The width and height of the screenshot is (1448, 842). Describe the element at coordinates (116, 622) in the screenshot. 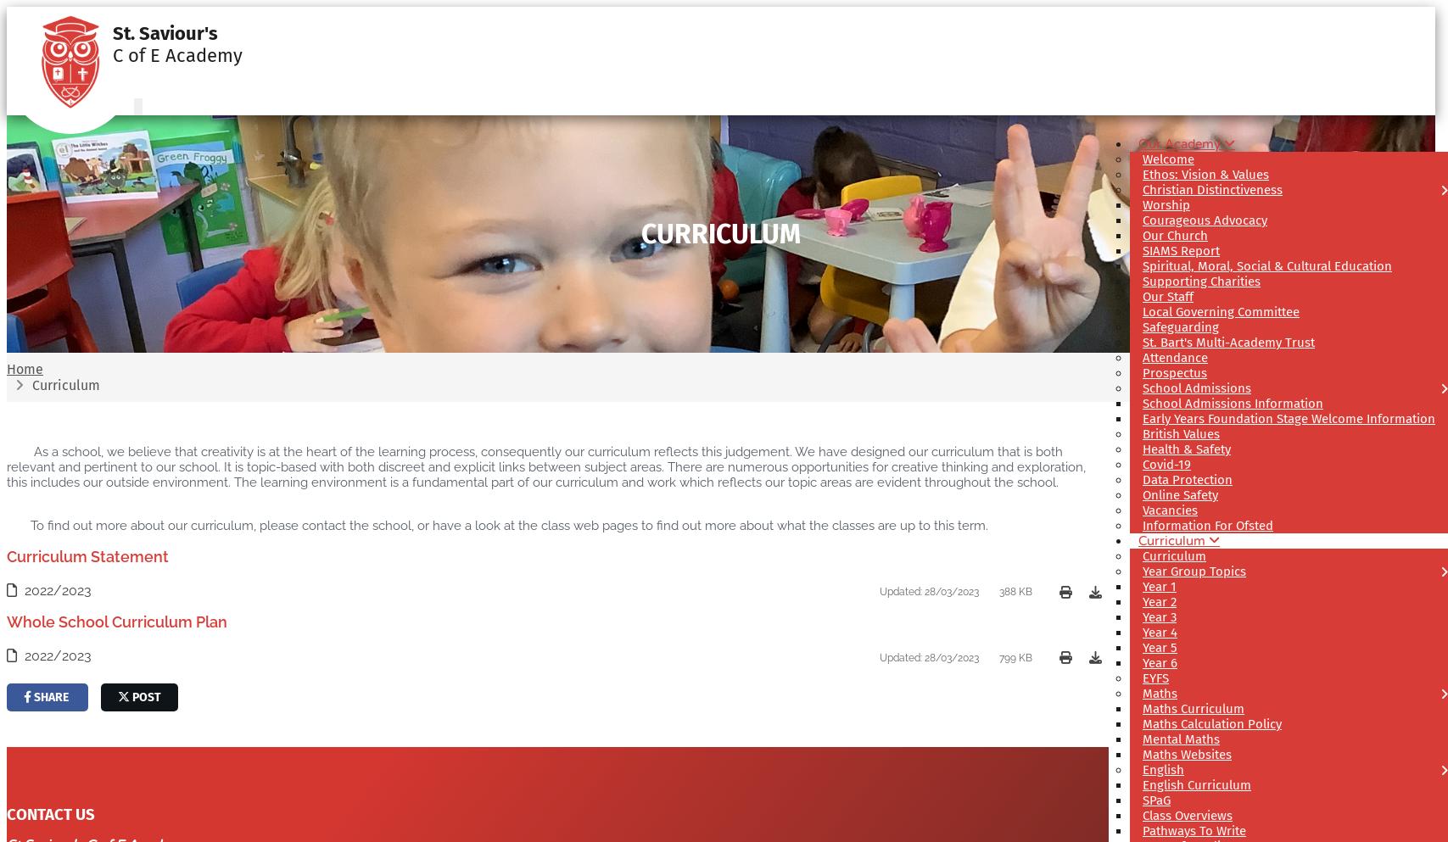

I see `'Whole School Curriculum Plan'` at that location.